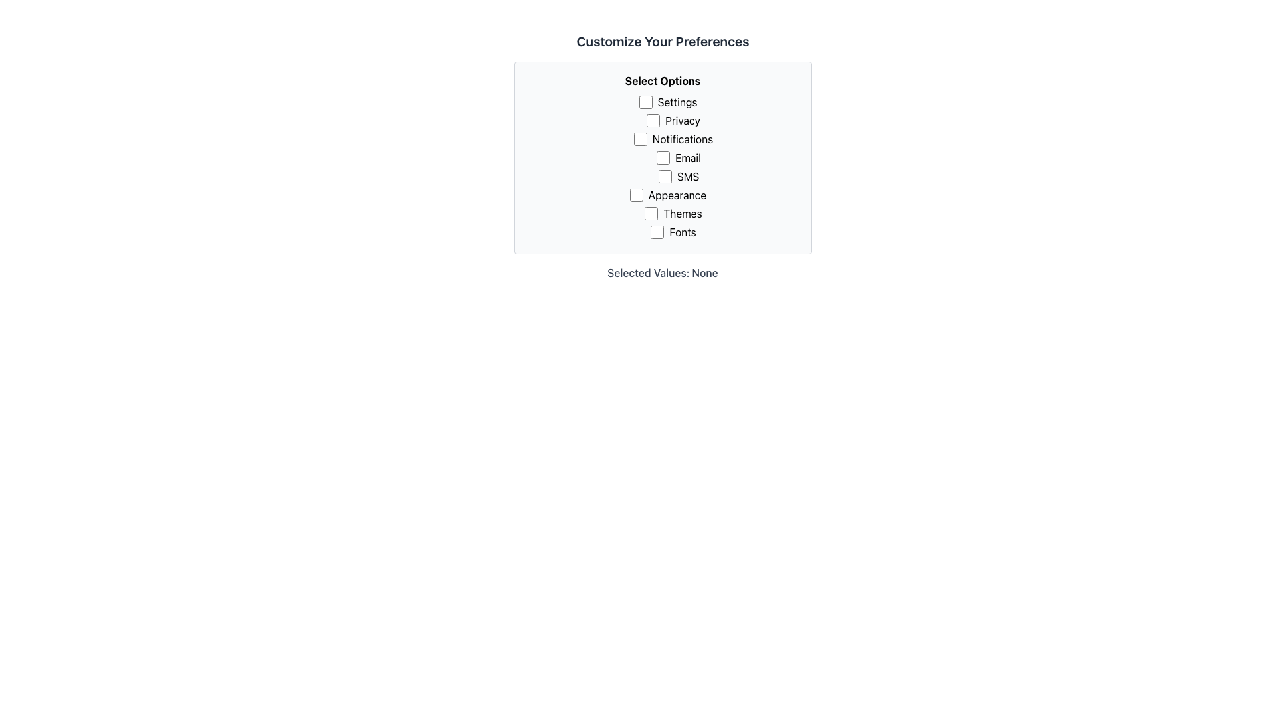  What do you see at coordinates (679, 157) in the screenshot?
I see `the 'Email' label element located in the 'Select Options' section beneath the 'Notifications' header` at bounding box center [679, 157].